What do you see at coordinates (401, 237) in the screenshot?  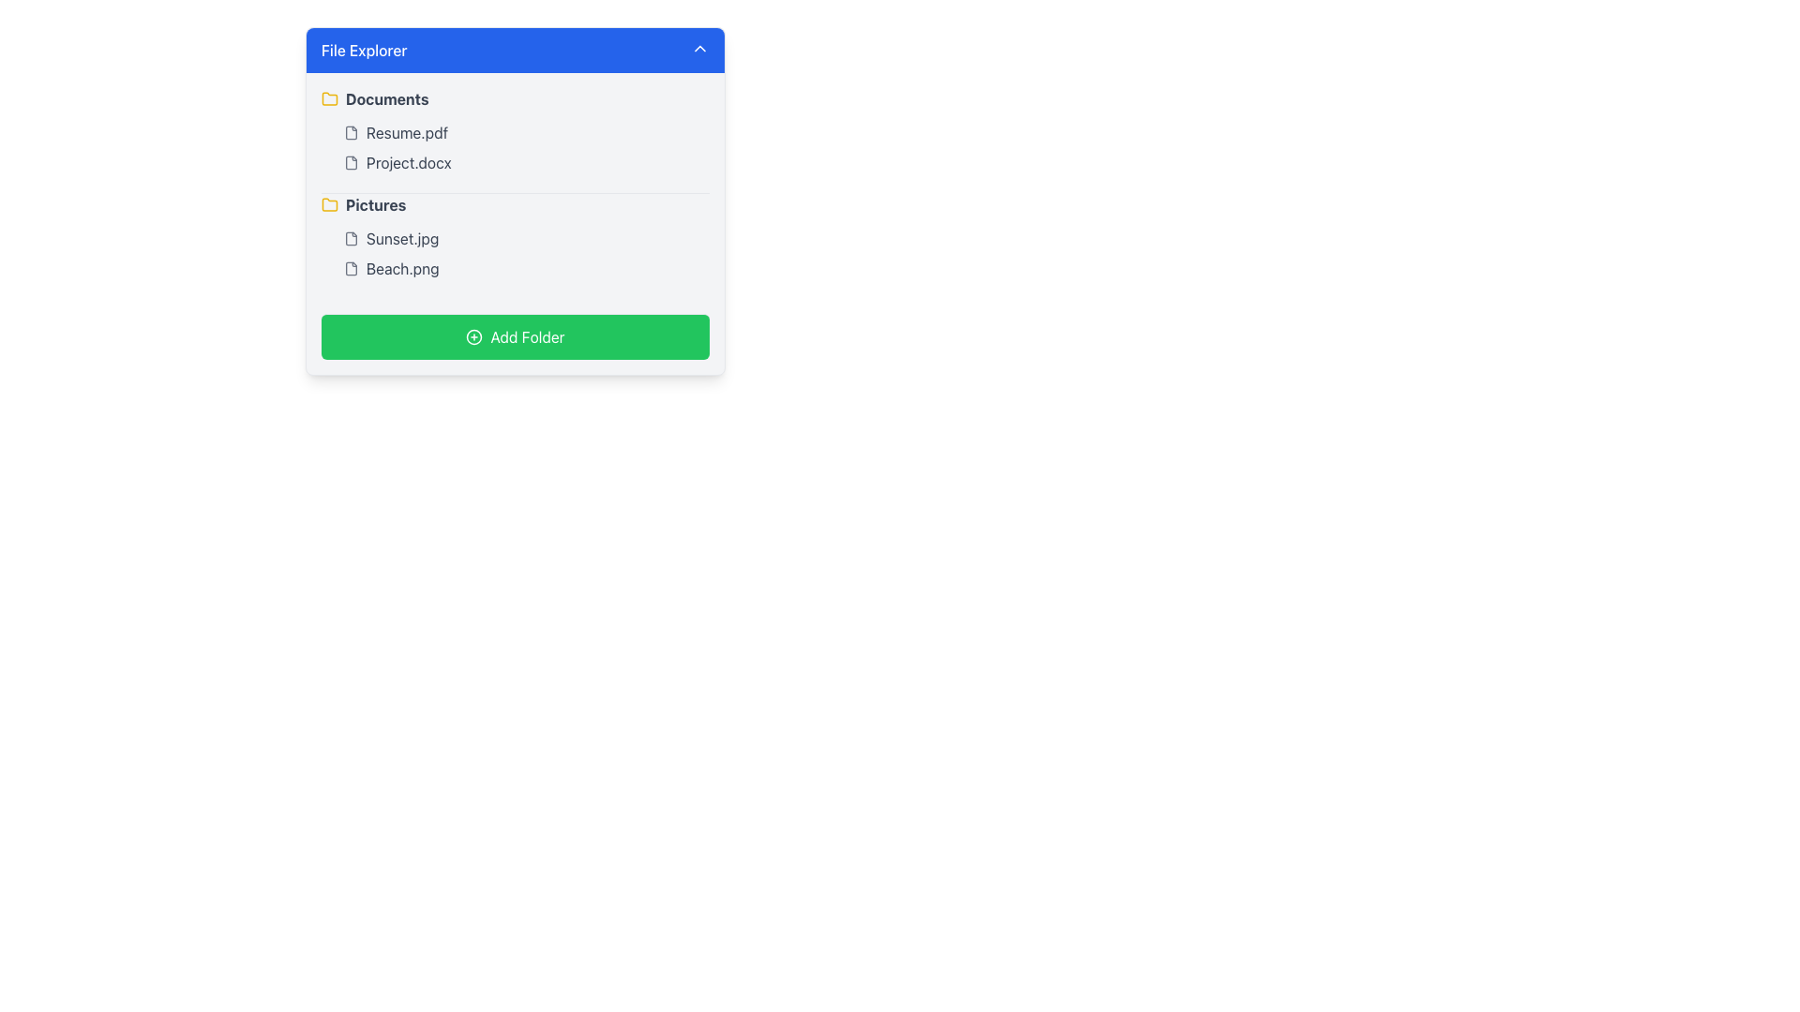 I see `the text label representing the file 'Sunset.jpg' in the Pictures folder of the file explorer interface` at bounding box center [401, 237].